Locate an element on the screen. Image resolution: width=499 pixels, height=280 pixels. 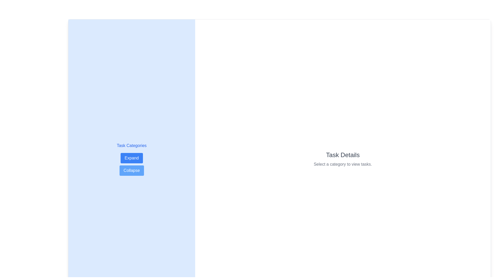
the button located below the 'Task Categories' label is located at coordinates (132, 158).